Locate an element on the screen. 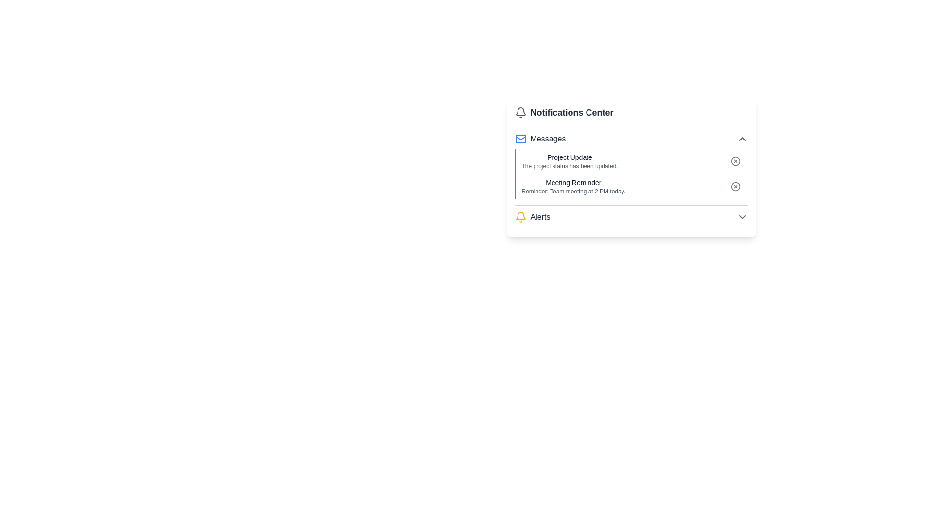 The image size is (933, 525). the upward-facing chevron icon located at the far right of the 'Messages' header section is located at coordinates (742, 139).